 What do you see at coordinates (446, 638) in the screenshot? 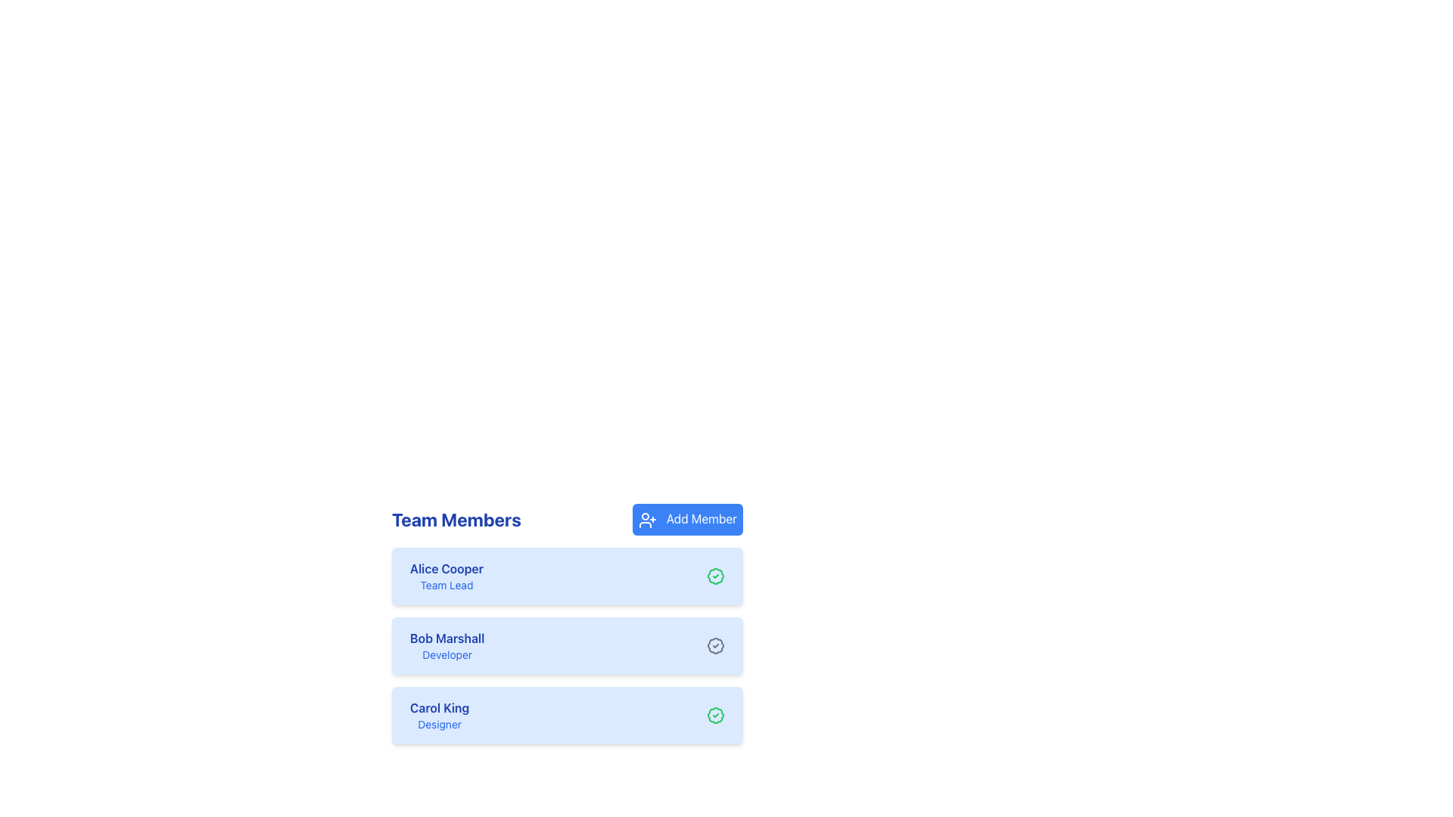
I see `text label displaying the name of the team member 'Bob Marshall Developer', located in the center-right region of the interface` at bounding box center [446, 638].